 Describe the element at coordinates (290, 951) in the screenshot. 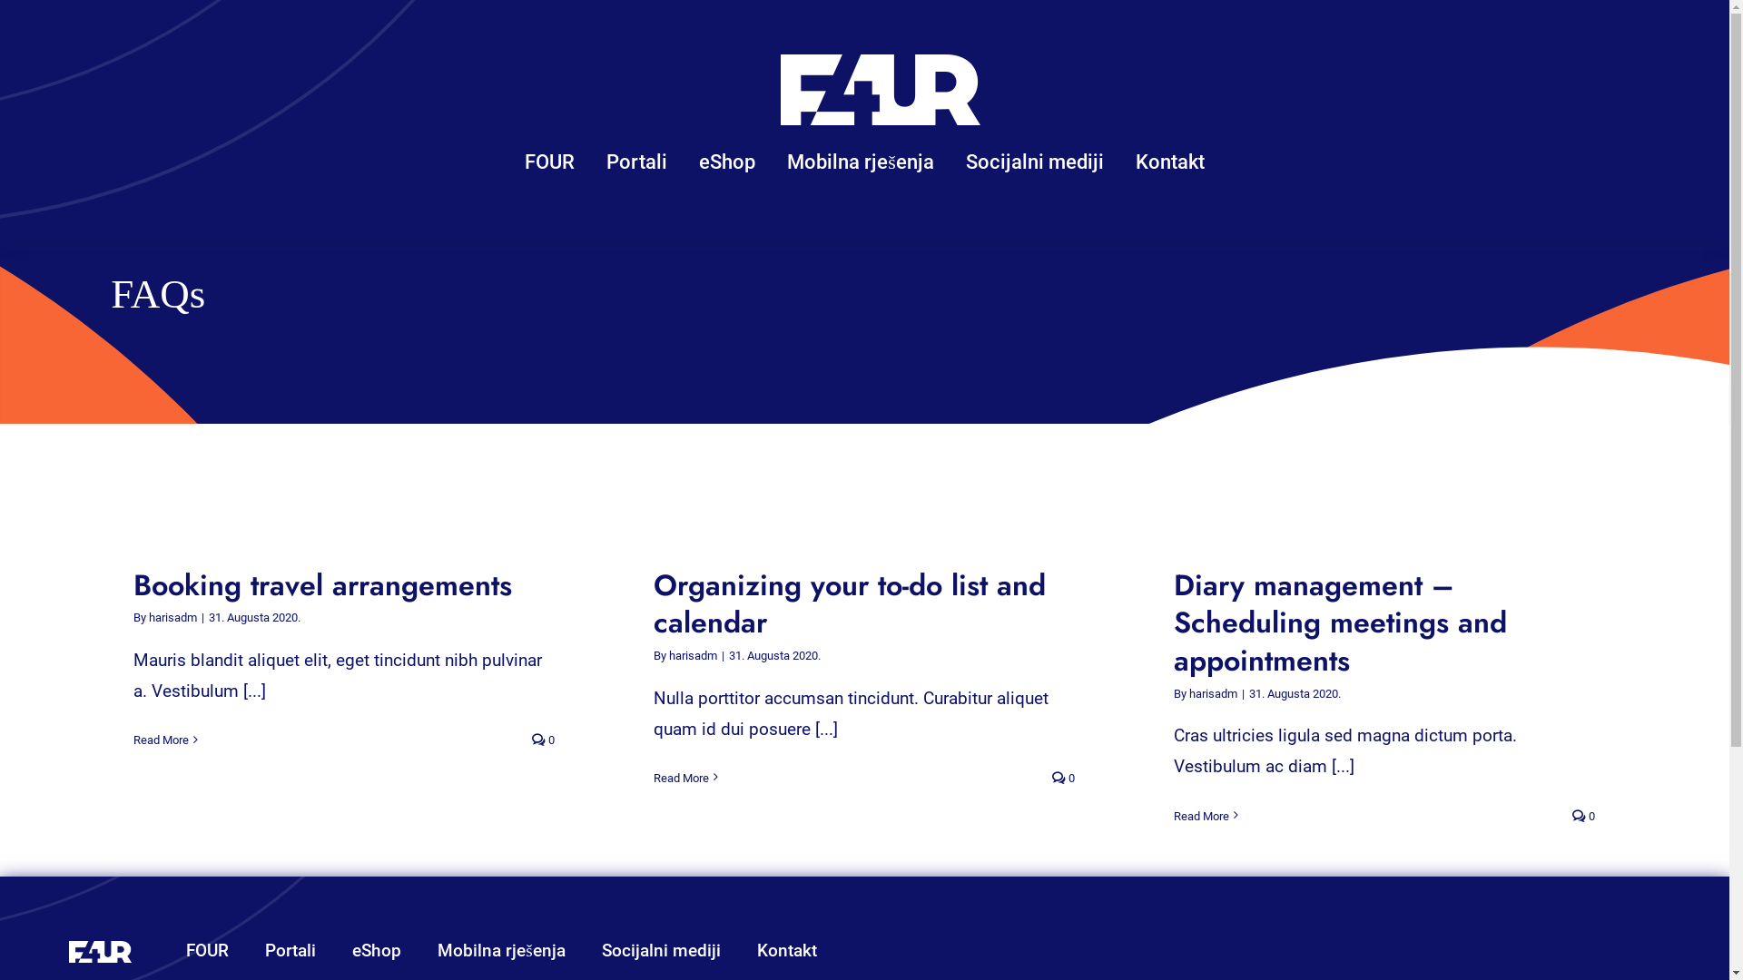

I see `'Portali'` at that location.